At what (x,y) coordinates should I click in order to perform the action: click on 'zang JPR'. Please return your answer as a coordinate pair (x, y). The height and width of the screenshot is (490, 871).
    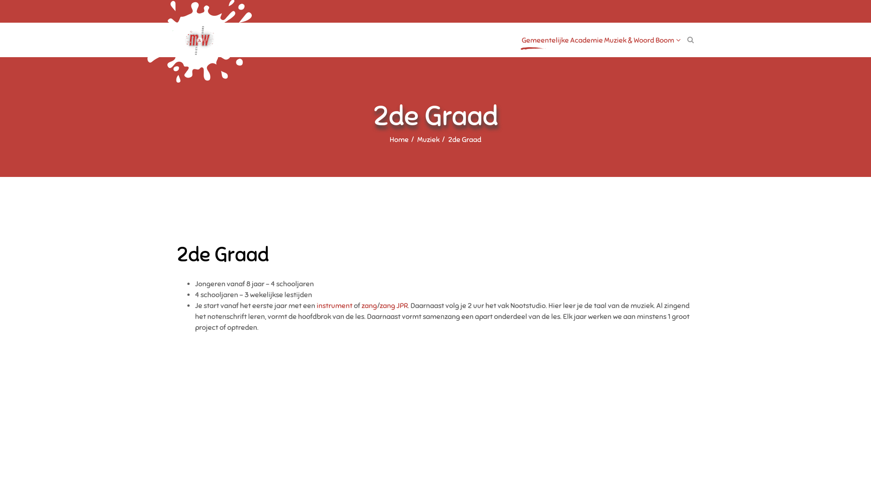
    Looking at the image, I should click on (394, 306).